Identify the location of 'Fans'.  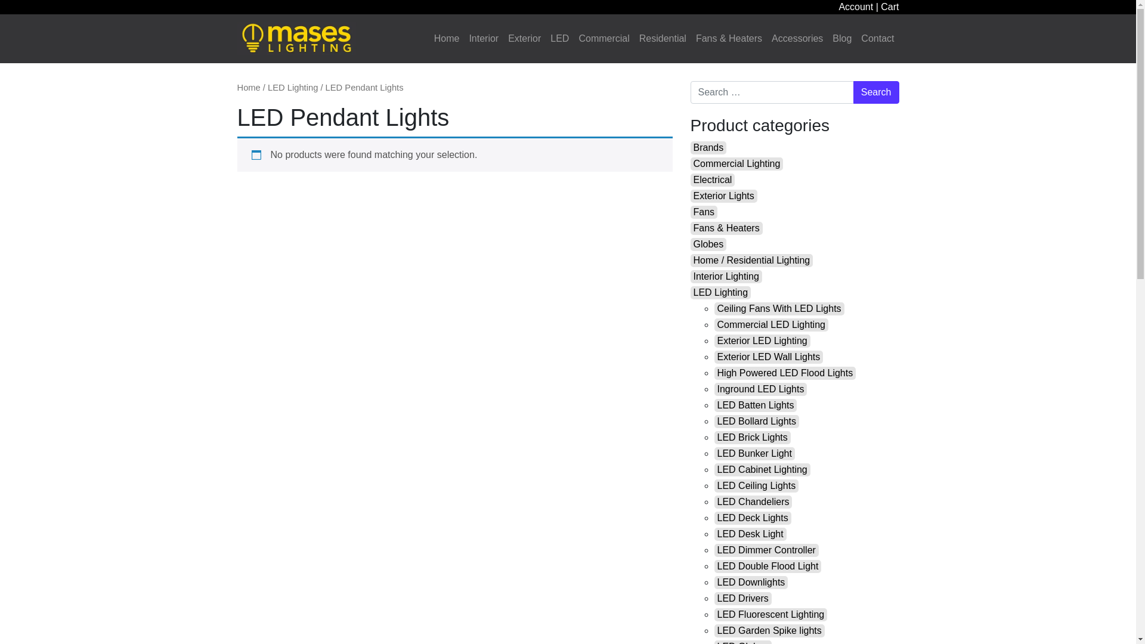
(704, 211).